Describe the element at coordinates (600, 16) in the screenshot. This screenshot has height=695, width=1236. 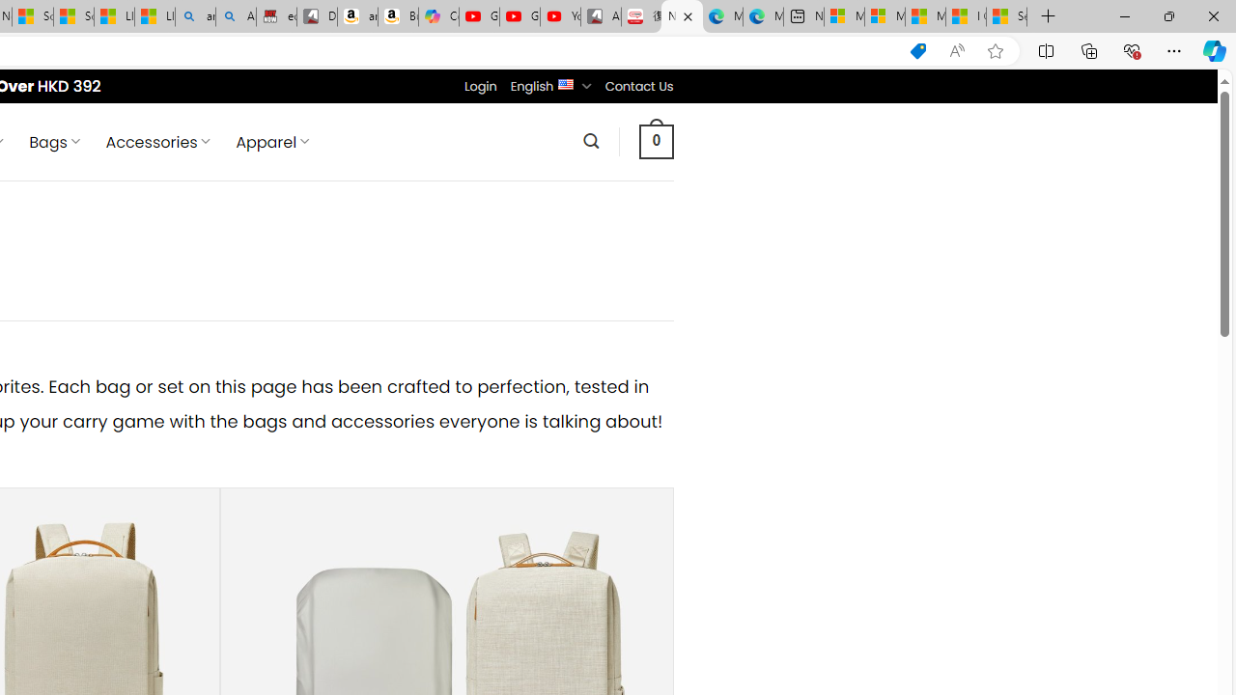
I see `'All Cubot phones'` at that location.